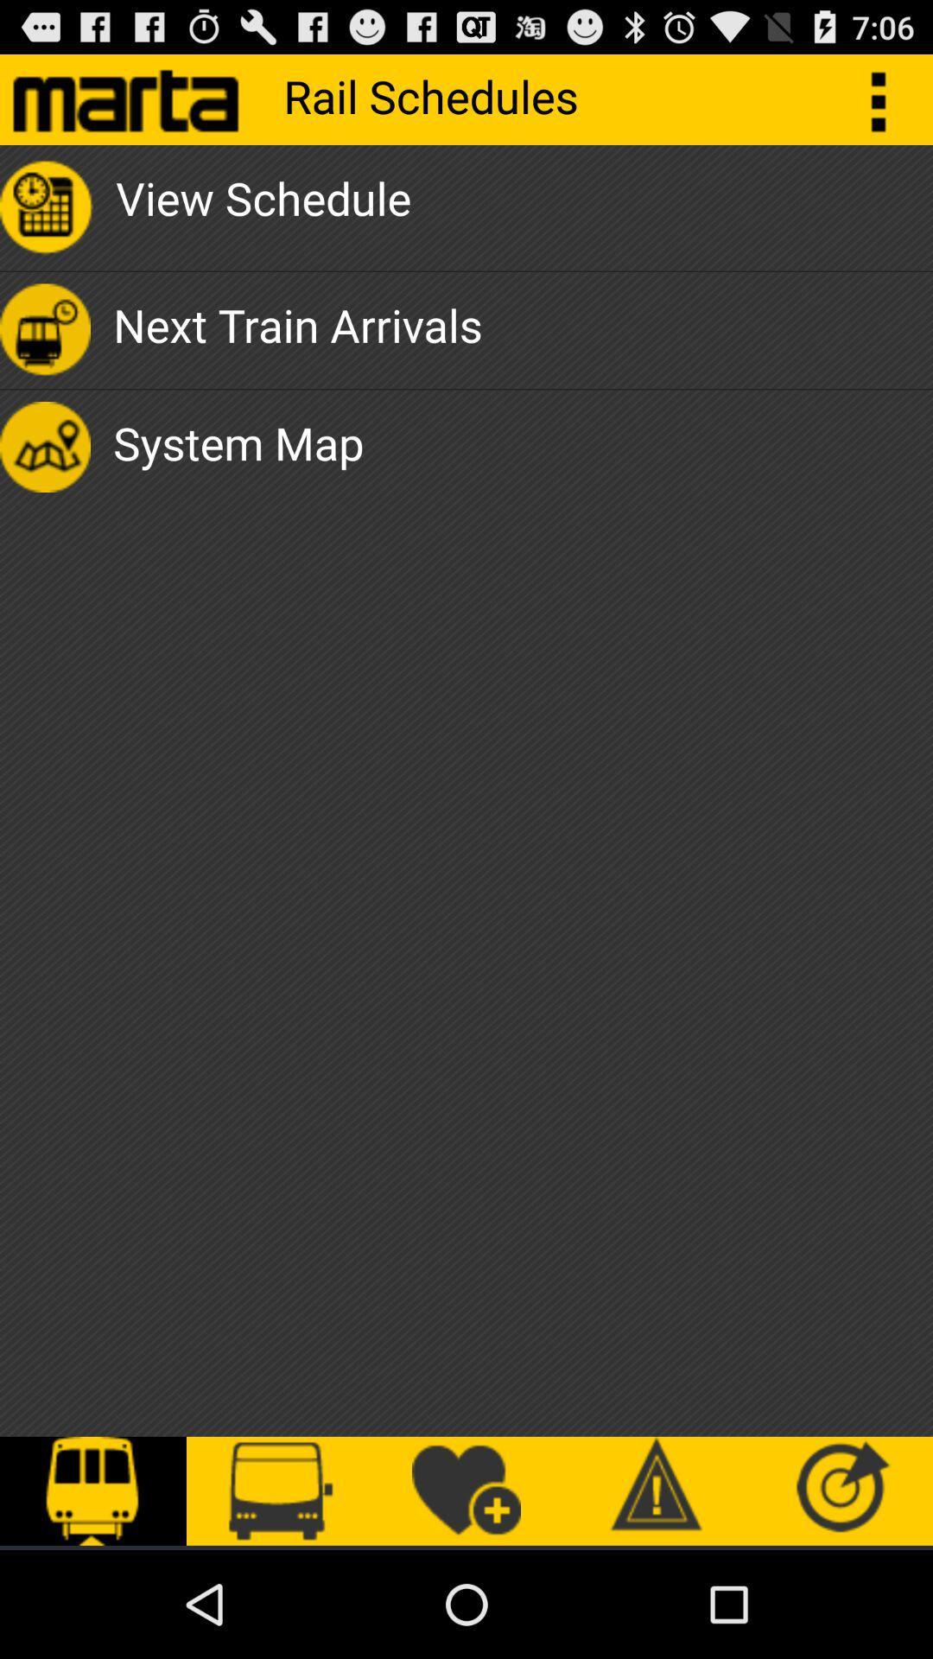  Describe the element at coordinates (887, 105) in the screenshot. I see `the more icon` at that location.